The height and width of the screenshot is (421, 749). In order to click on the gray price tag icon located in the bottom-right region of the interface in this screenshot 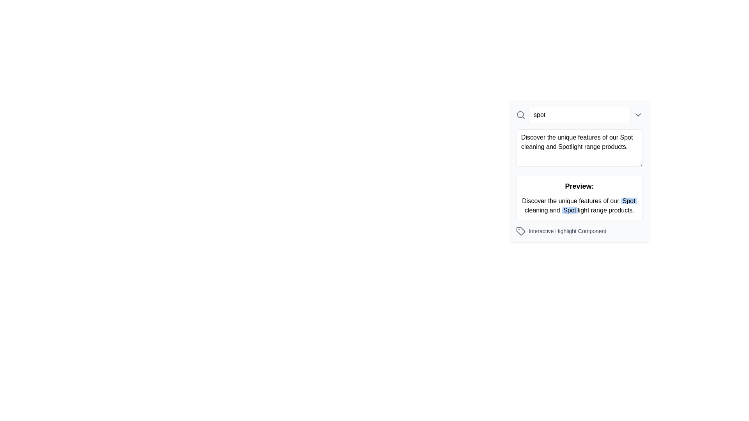, I will do `click(520, 231)`.